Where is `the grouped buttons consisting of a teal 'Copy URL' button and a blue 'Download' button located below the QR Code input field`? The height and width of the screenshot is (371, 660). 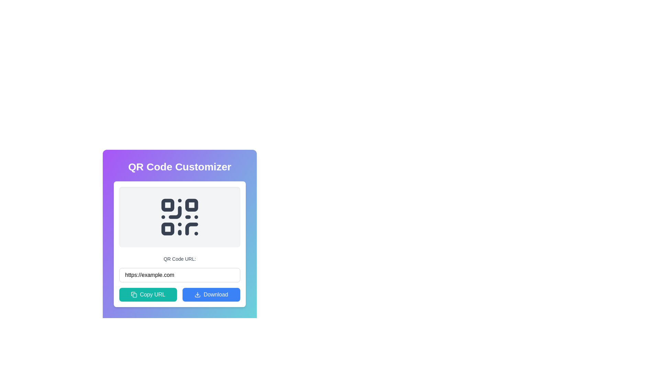 the grouped buttons consisting of a teal 'Copy URL' button and a blue 'Download' button located below the QR Code input field is located at coordinates (180, 294).